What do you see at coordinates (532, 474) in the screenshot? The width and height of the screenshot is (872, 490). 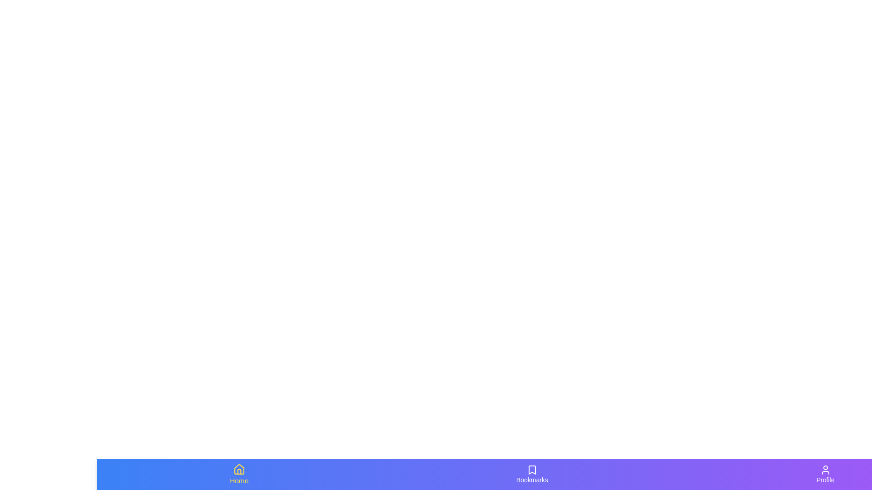 I see `the Bookmarks icon to observe its hover effect` at bounding box center [532, 474].